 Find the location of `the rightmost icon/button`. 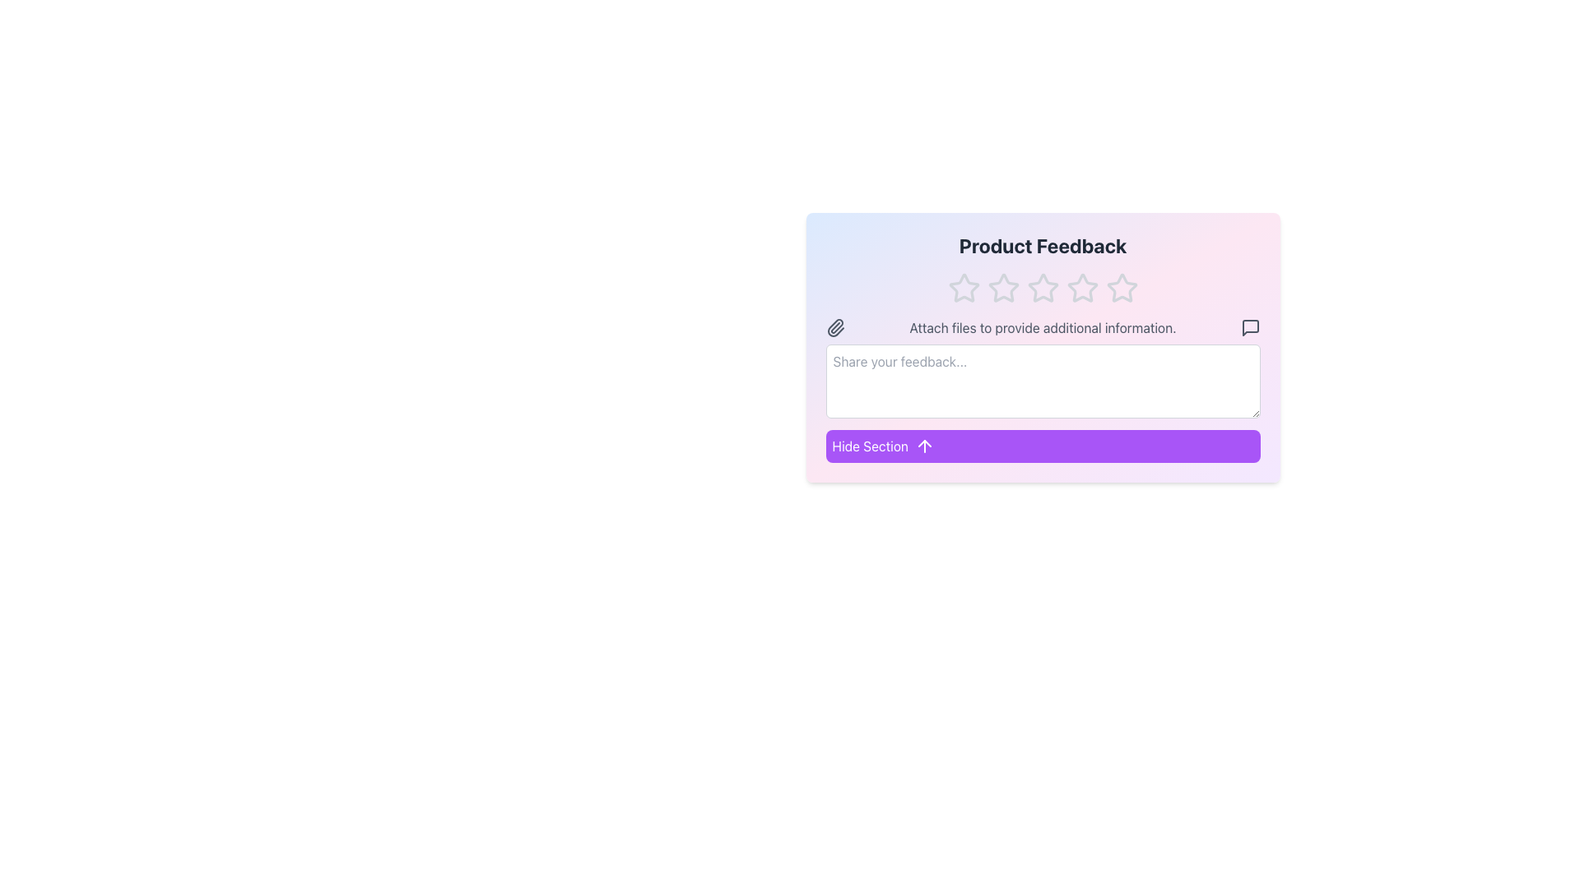

the rightmost icon/button is located at coordinates (1250, 327).